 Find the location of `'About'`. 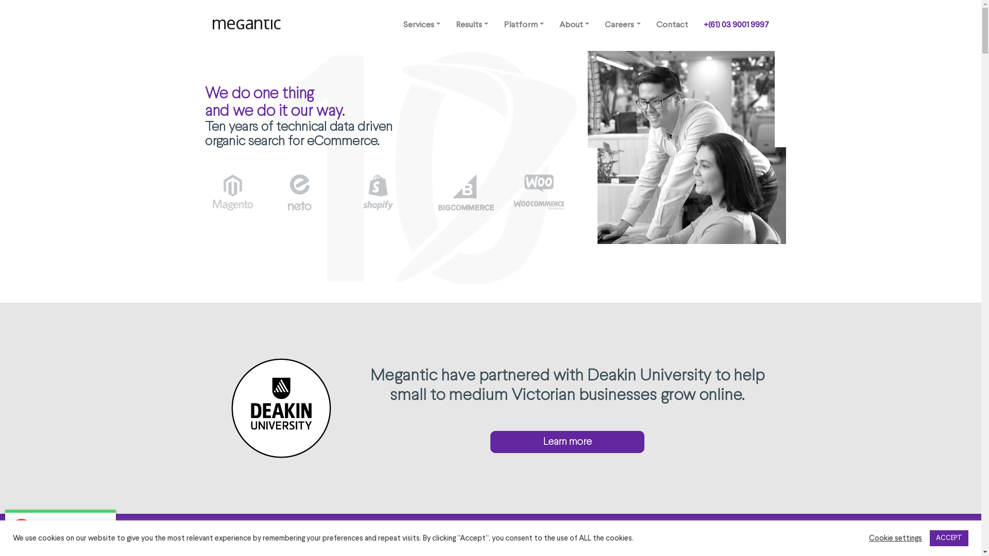

'About' is located at coordinates (573, 25).